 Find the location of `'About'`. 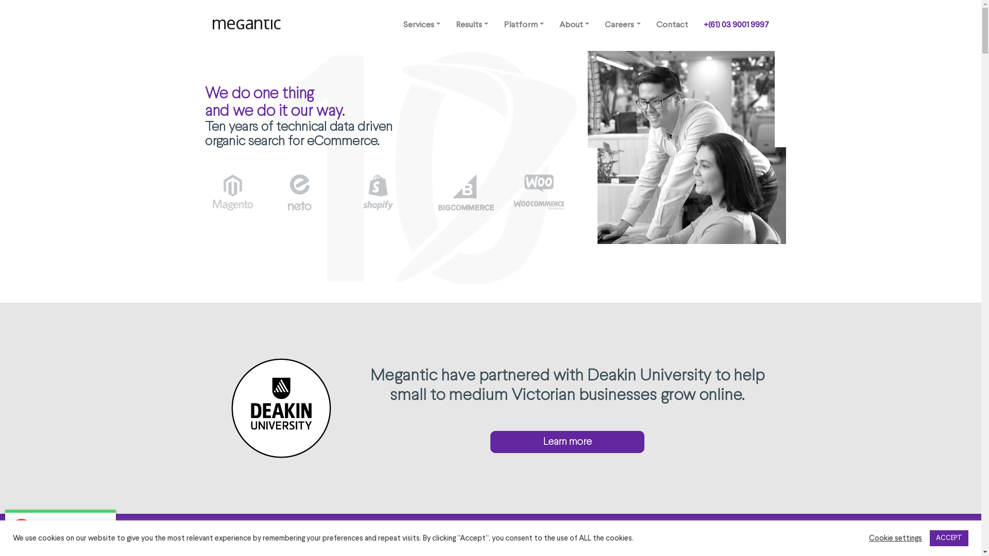

'About' is located at coordinates (573, 25).